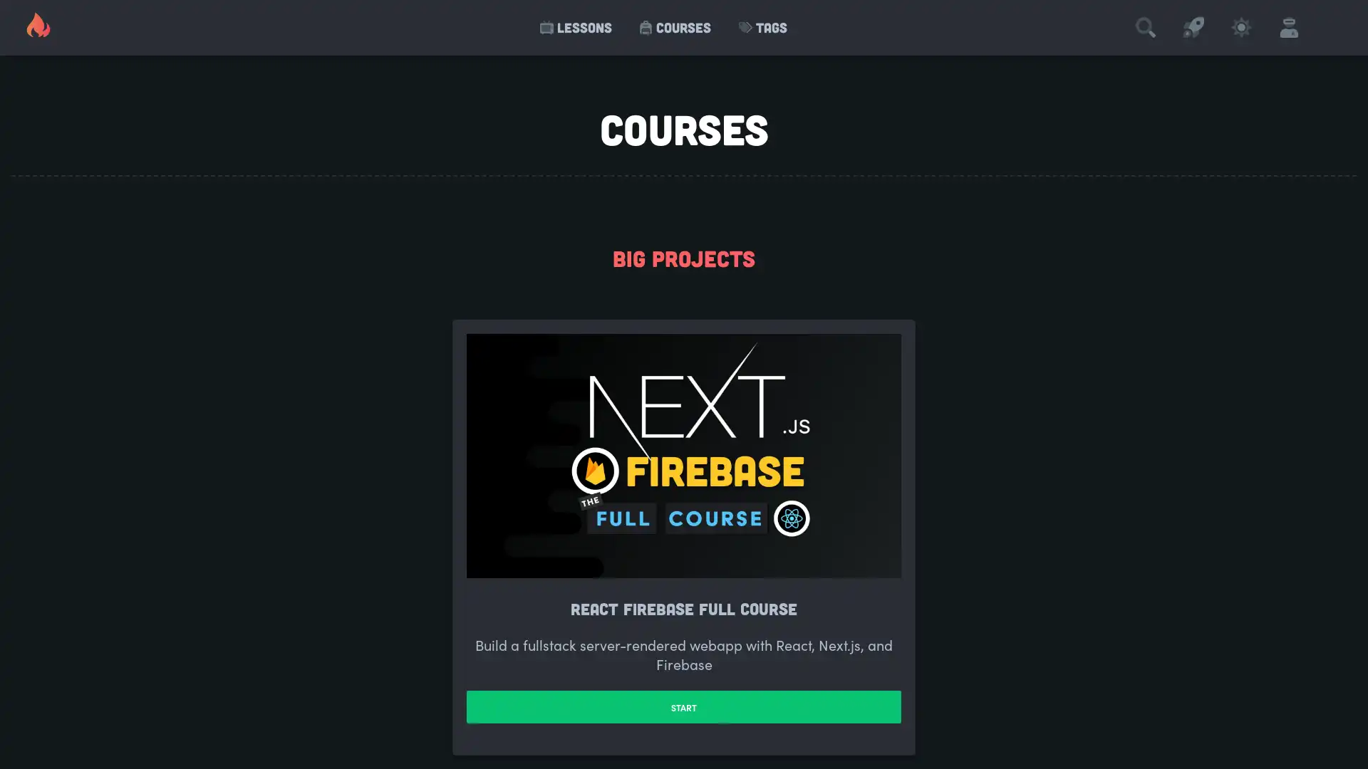 This screenshot has width=1368, height=769. What do you see at coordinates (684, 711) in the screenshot?
I see `START` at bounding box center [684, 711].